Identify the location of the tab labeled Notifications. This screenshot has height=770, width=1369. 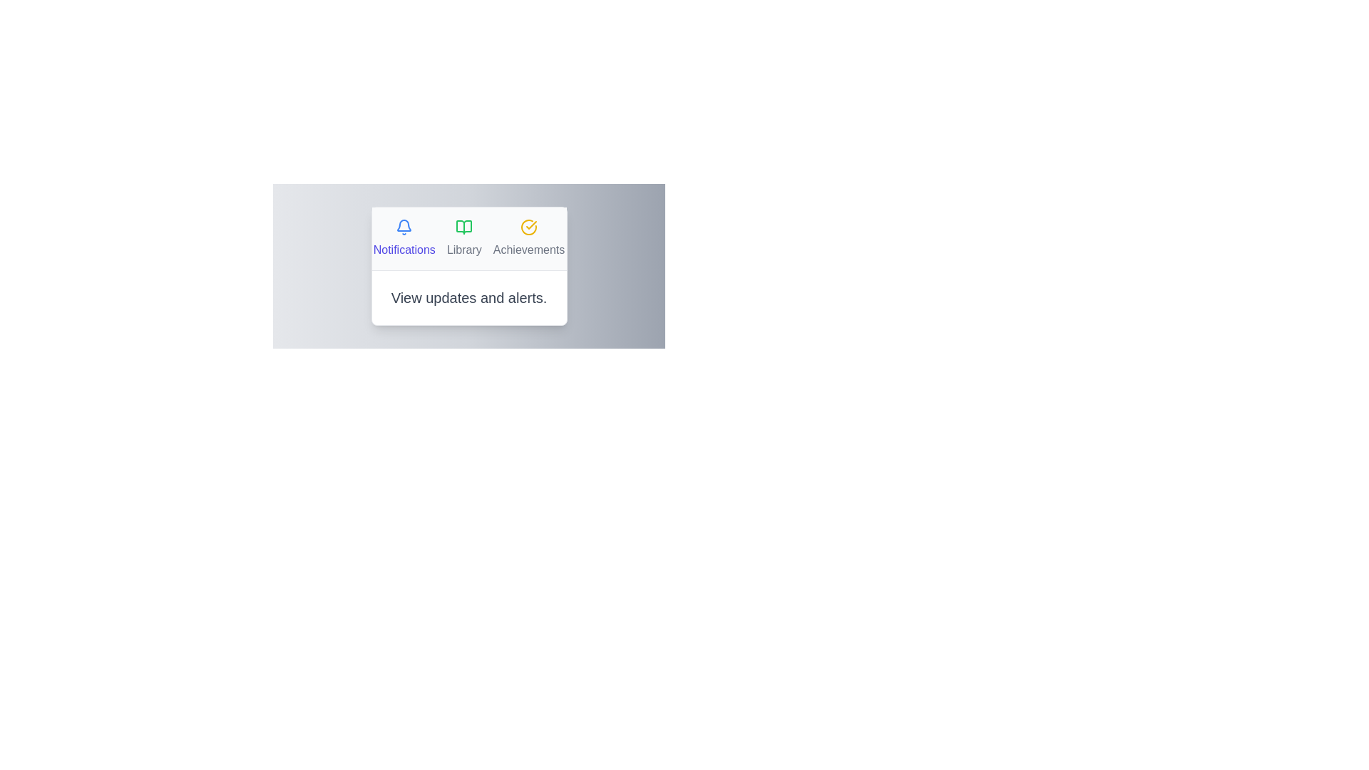
(403, 238).